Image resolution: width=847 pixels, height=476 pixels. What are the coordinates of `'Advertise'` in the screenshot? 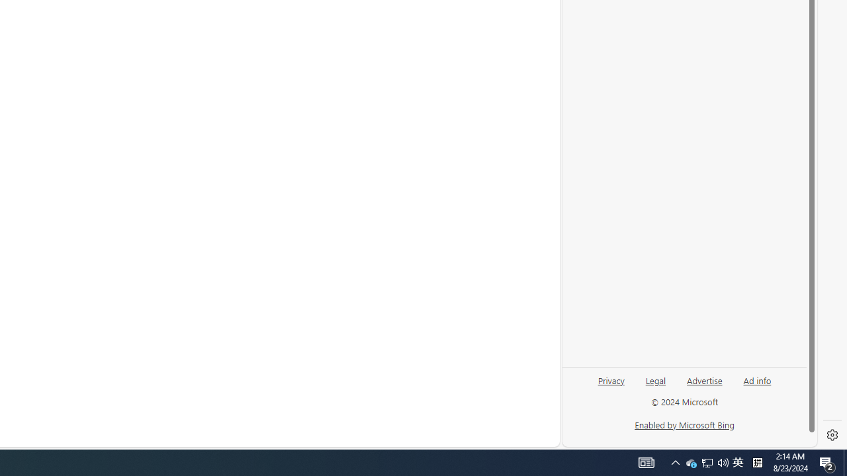 It's located at (703, 379).